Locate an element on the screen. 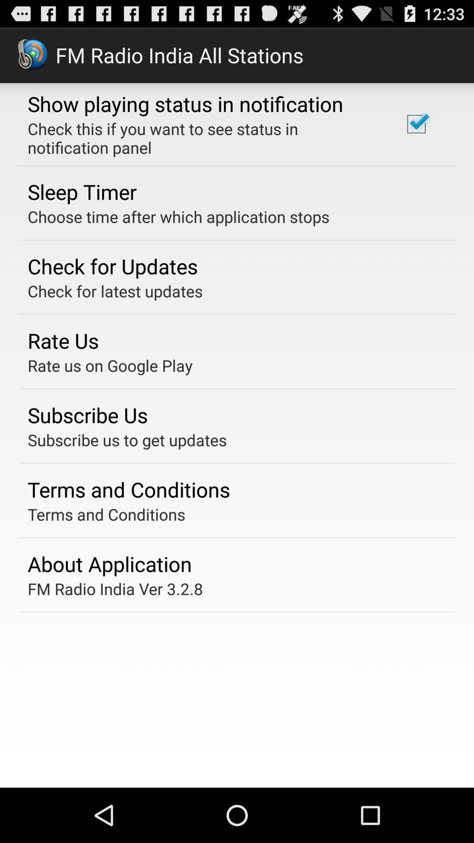  the item below terms and conditions icon is located at coordinates (109, 564).